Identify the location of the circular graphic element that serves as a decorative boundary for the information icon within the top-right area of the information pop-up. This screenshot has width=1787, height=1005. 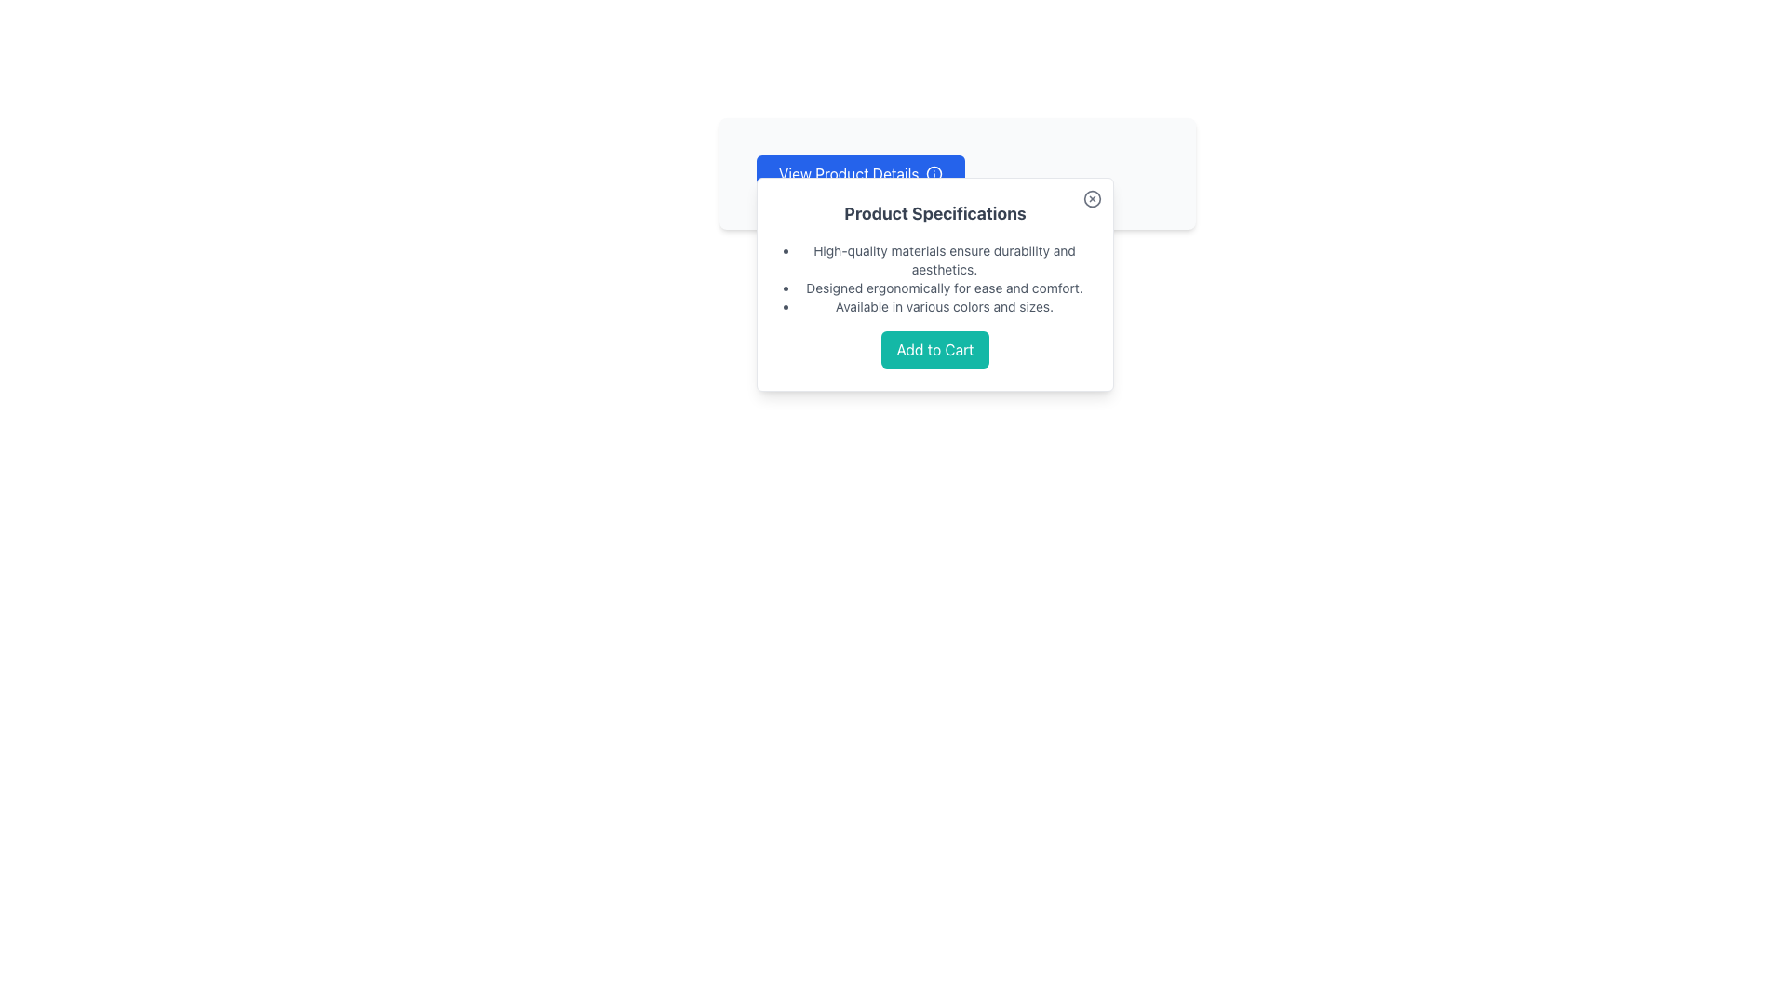
(934, 173).